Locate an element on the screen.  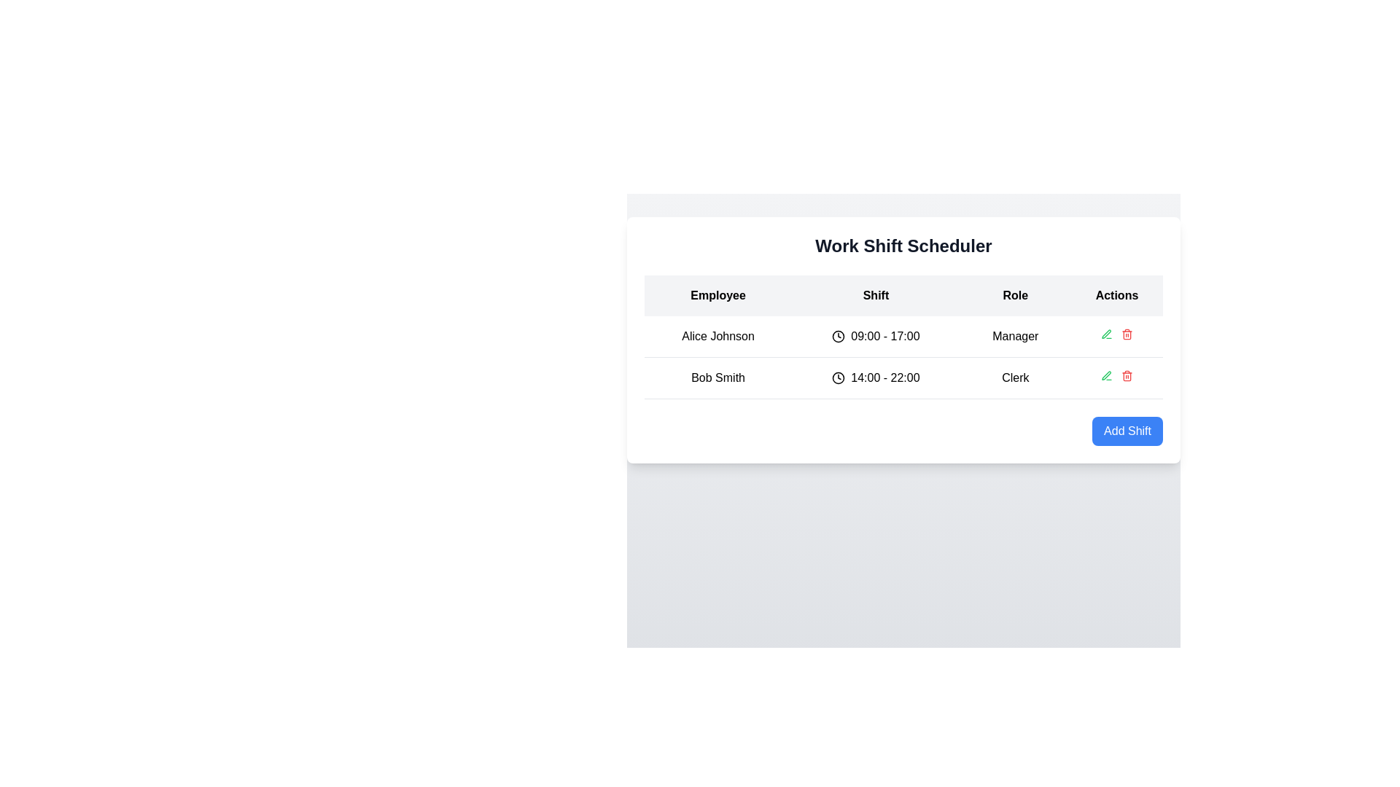
the text label indicating the role 'Clerk' assigned to employee Bob Smith for the shift '14:00 - 22:00' is located at coordinates (1014, 377).